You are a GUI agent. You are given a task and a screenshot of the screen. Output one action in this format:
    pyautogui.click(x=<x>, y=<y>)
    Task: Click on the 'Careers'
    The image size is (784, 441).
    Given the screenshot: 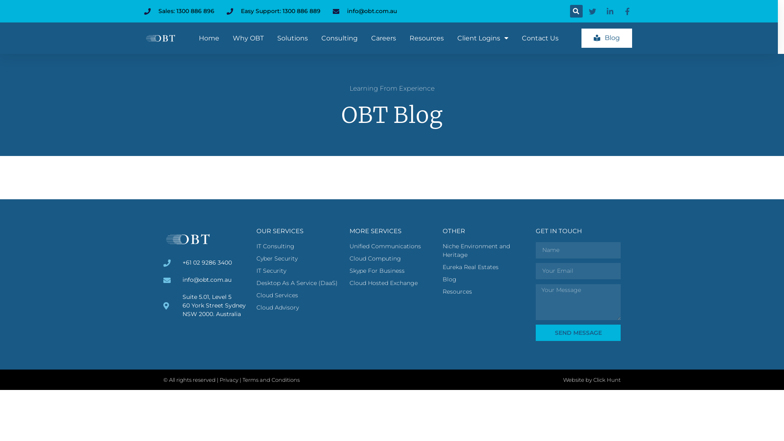 What is the action you would take?
    pyautogui.click(x=383, y=38)
    